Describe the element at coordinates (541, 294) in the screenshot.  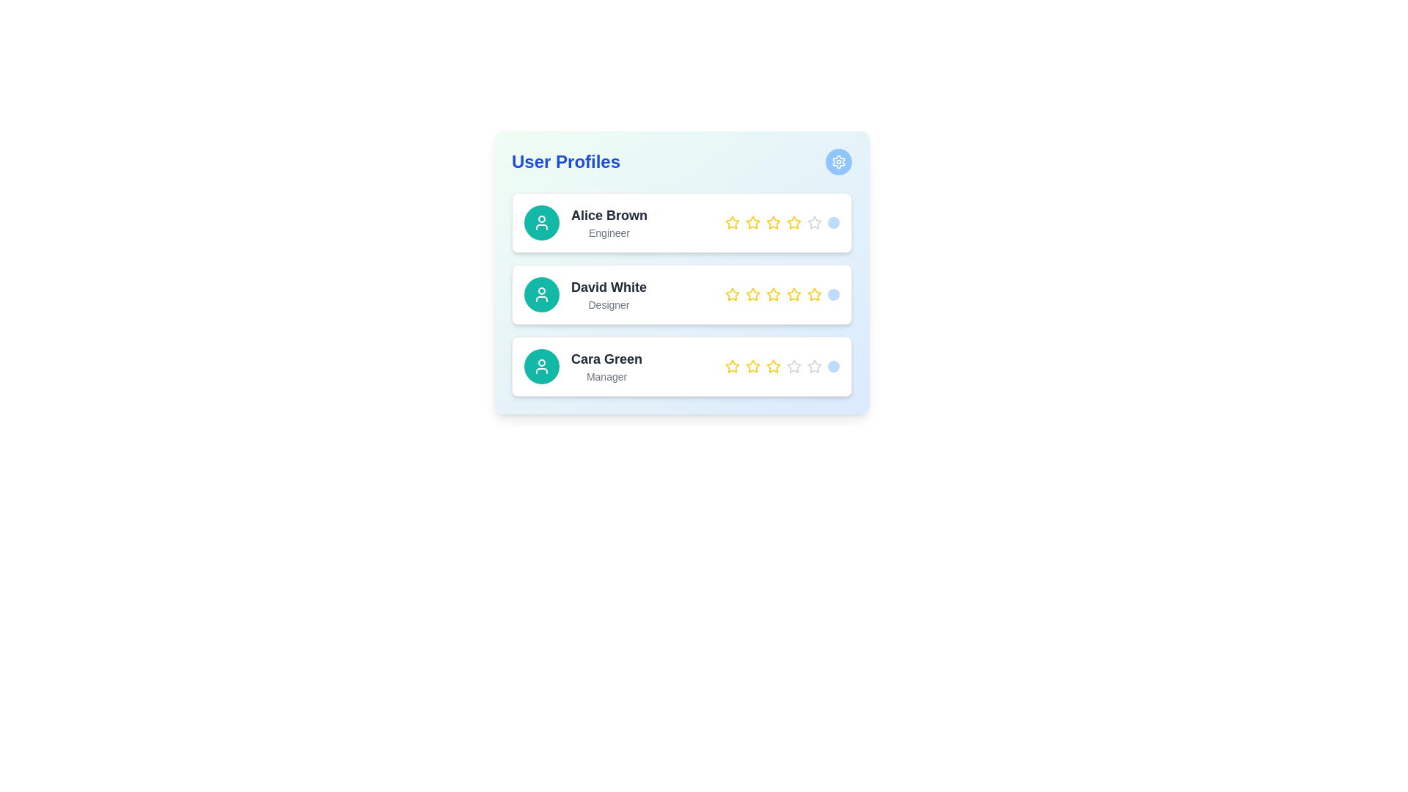
I see `the user profile icon representing a generic person's outline, which is white with a rounded stroke on a teal circular background, located in the second row of the user profile list next to 'David White'` at that location.